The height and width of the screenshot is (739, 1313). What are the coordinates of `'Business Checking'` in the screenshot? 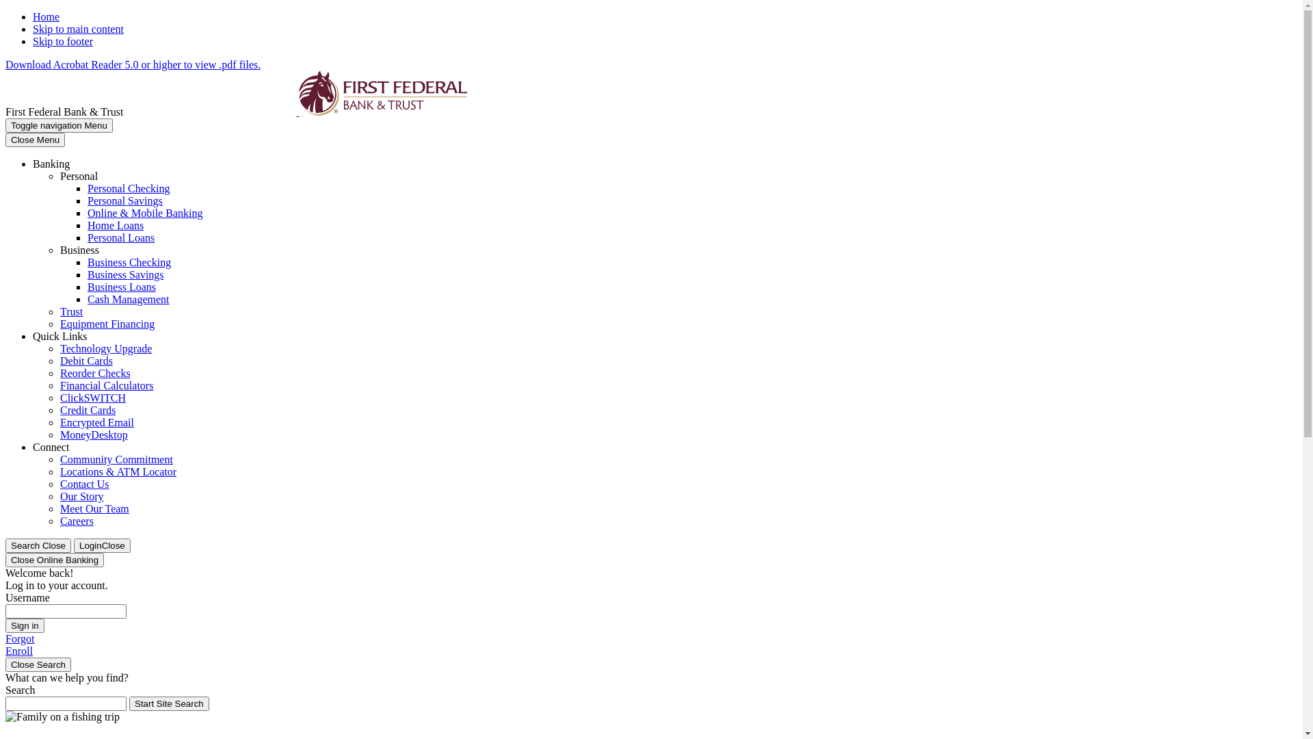 It's located at (129, 262).